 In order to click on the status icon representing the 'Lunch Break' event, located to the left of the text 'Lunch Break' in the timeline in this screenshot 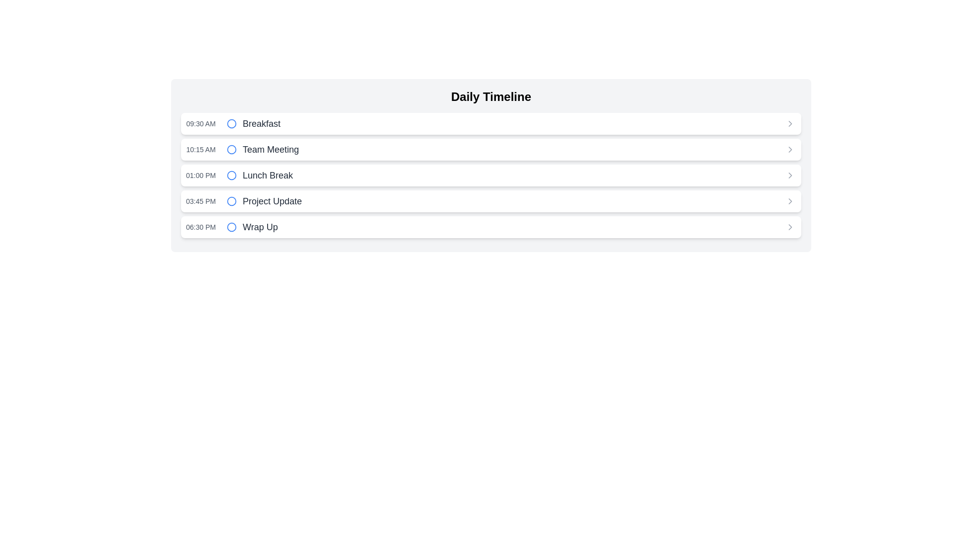, I will do `click(231, 175)`.